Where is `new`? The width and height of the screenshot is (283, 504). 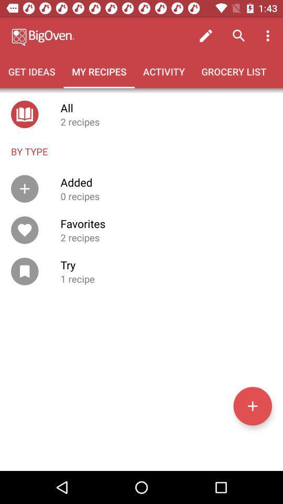 new is located at coordinates (252, 405).